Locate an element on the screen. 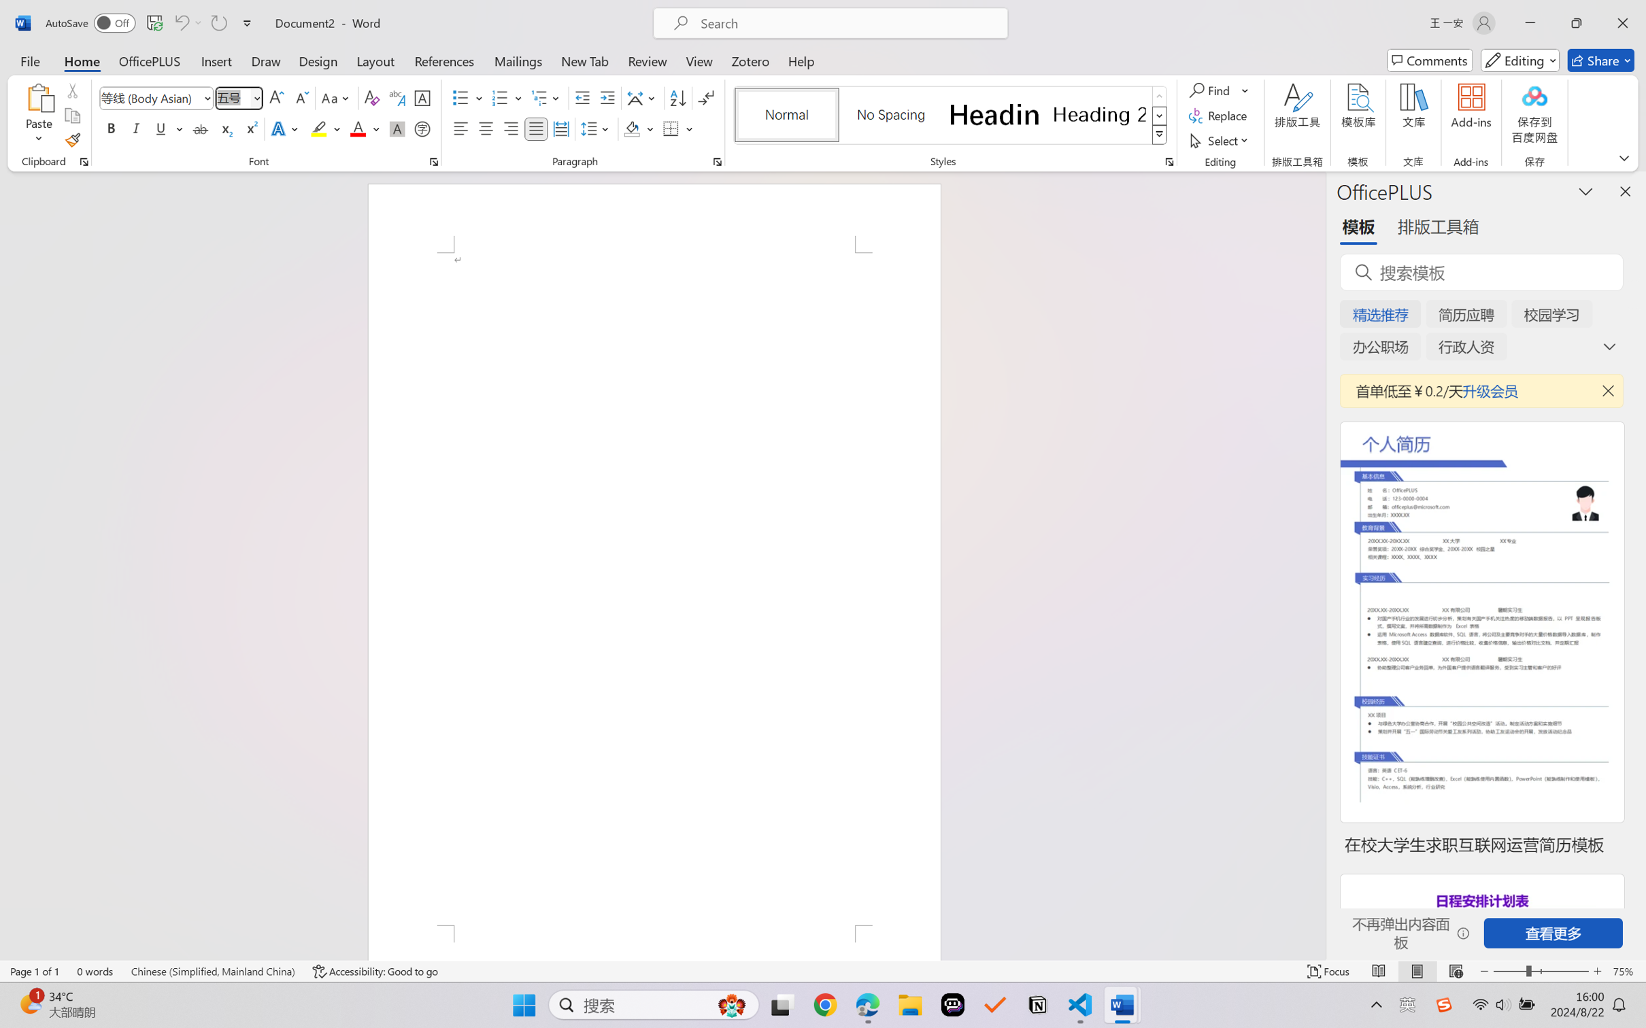  'Borders' is located at coordinates (671, 128).